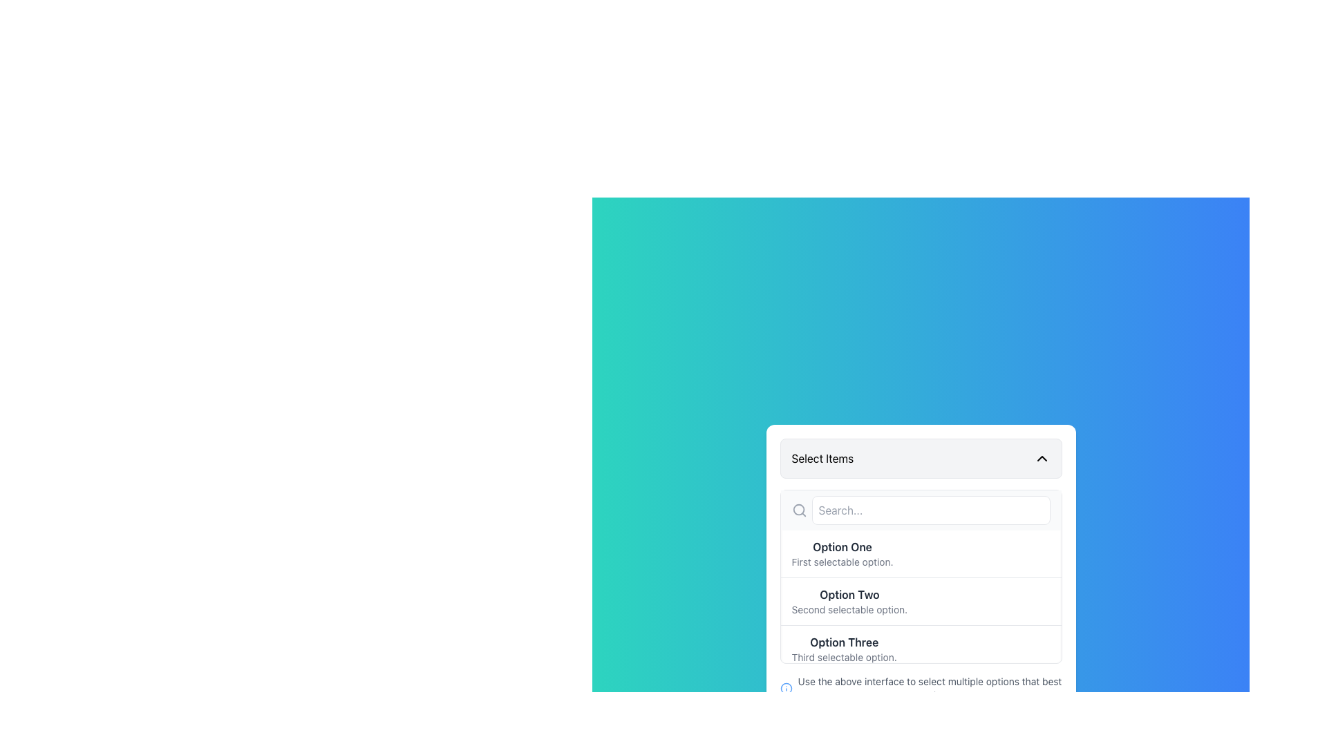  What do you see at coordinates (842, 546) in the screenshot?
I see `the static text label reading 'Option One', which is bold and dark gray, positioned at the top of the dropdown menu interface` at bounding box center [842, 546].